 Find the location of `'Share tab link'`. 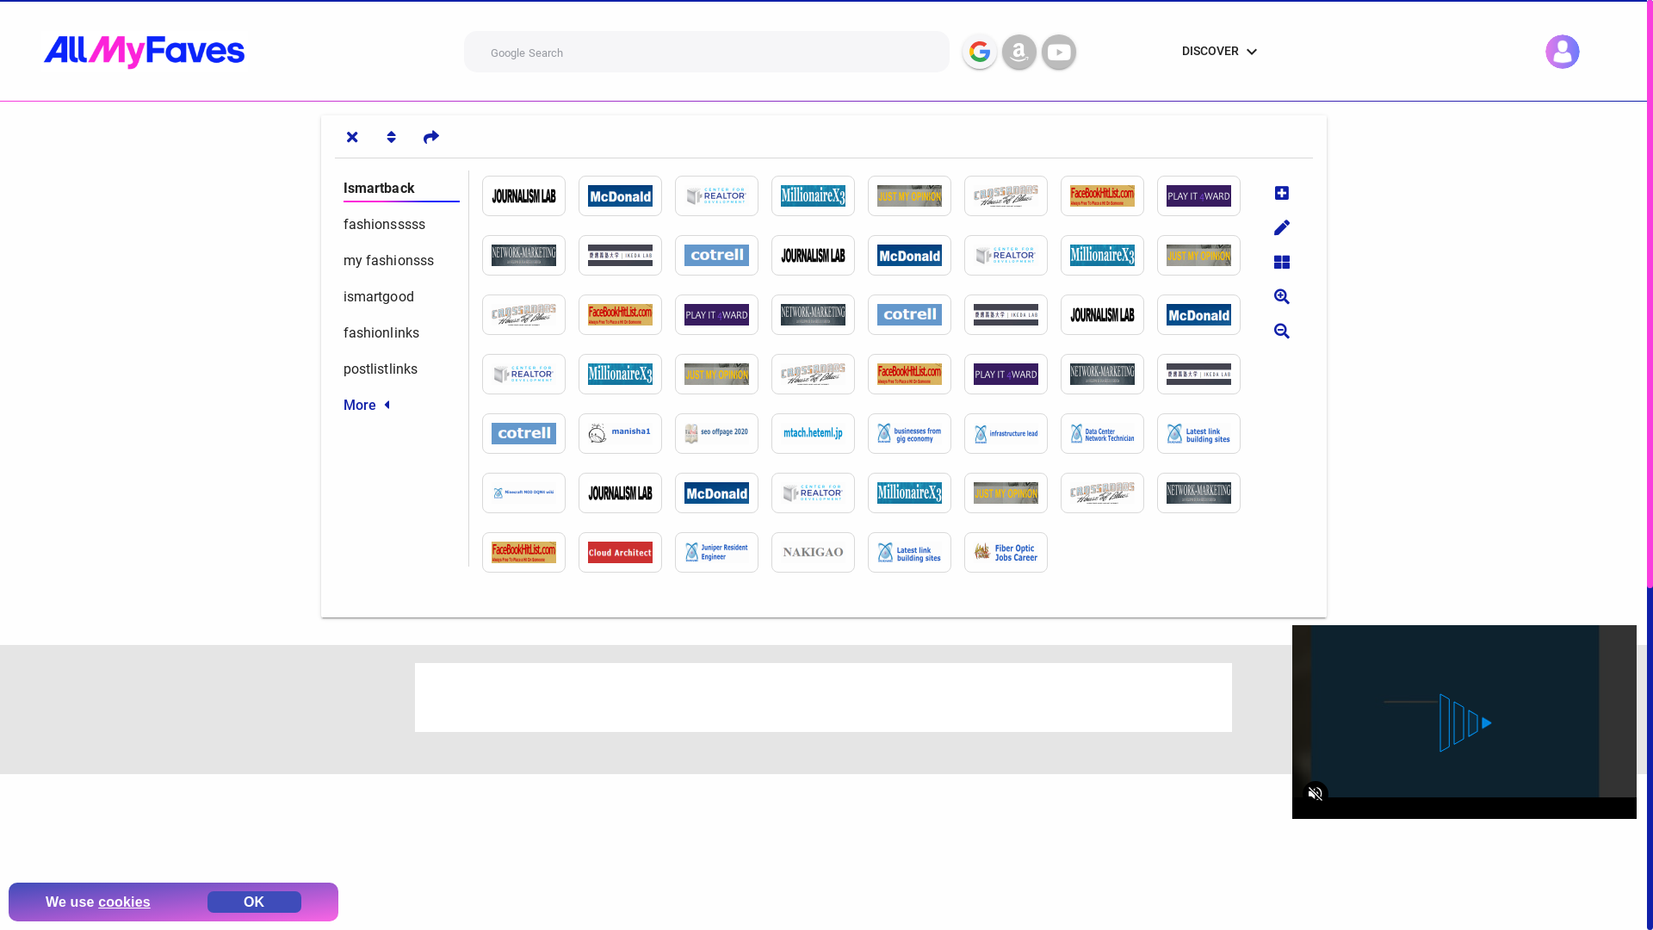

'Share tab link' is located at coordinates (413, 135).